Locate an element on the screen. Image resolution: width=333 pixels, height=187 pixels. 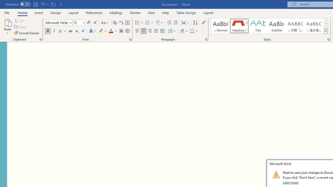
'Center' is located at coordinates (144, 31).